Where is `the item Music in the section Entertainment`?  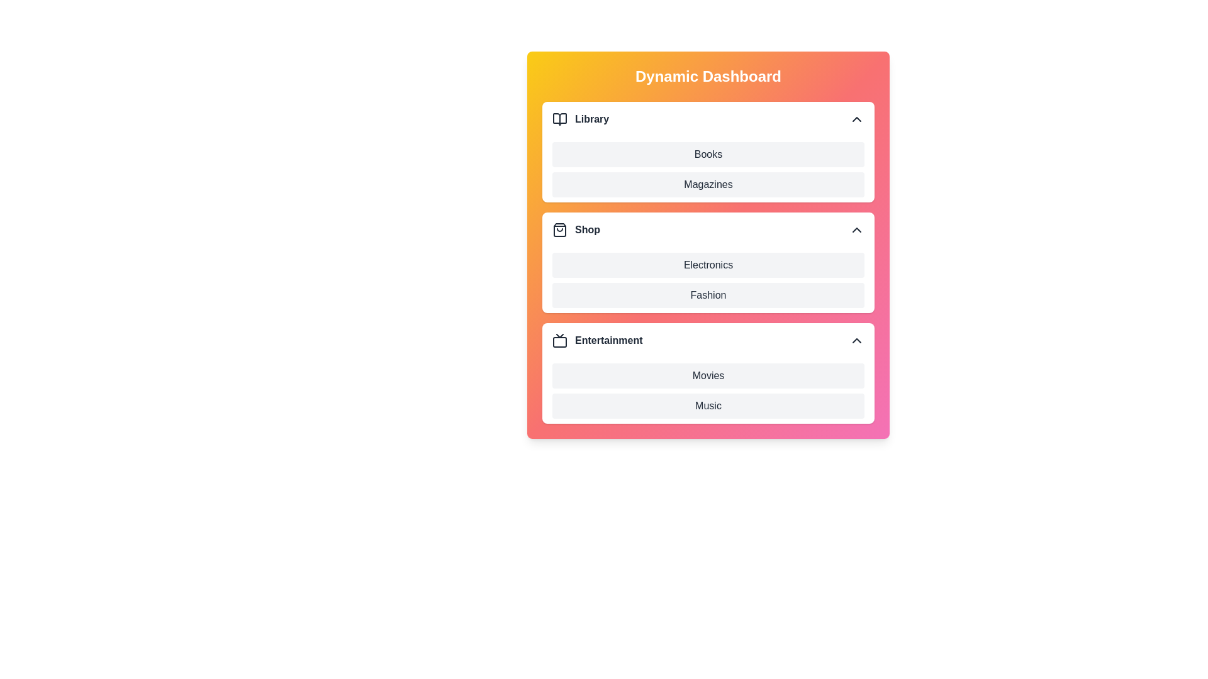 the item Music in the section Entertainment is located at coordinates (552, 406).